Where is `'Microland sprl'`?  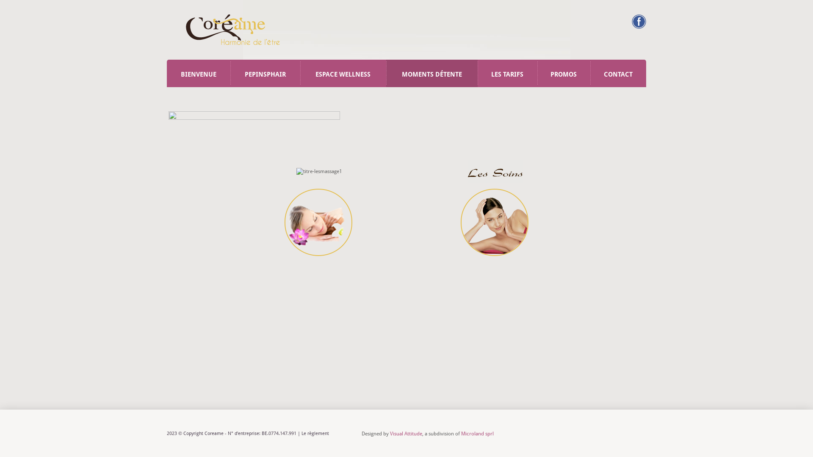 'Microland sprl' is located at coordinates (461, 434).